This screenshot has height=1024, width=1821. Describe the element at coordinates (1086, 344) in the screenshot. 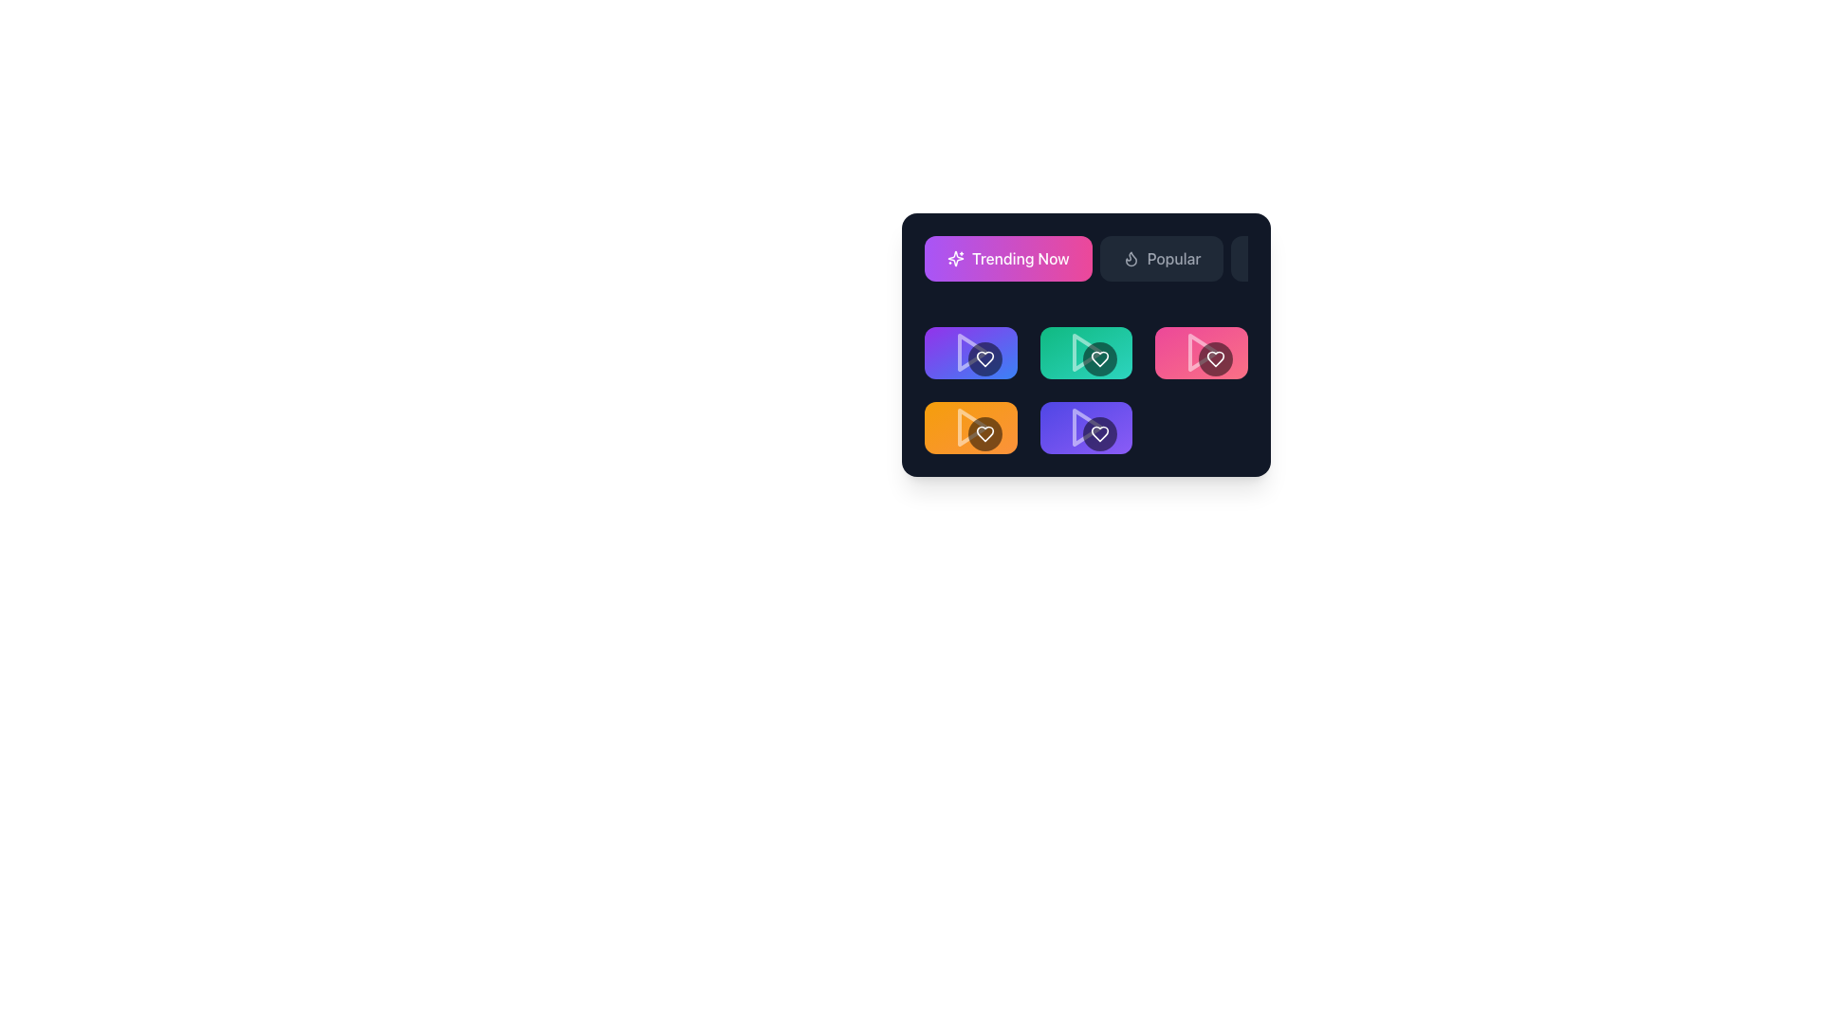

I see `the heart icon in the second row, middle column of the grid item to like or favorite the content` at that location.